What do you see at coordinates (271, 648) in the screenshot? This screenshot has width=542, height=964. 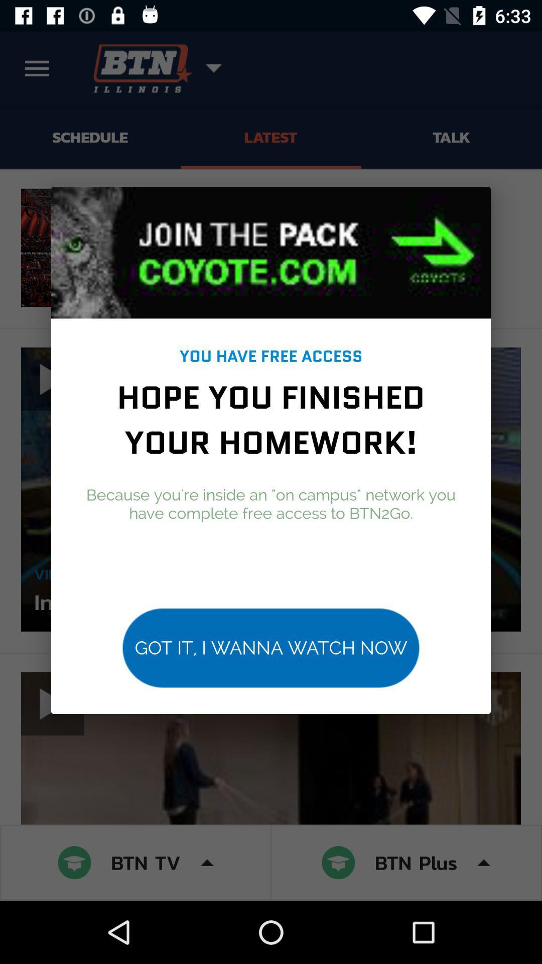 I see `icon at the bottom` at bounding box center [271, 648].